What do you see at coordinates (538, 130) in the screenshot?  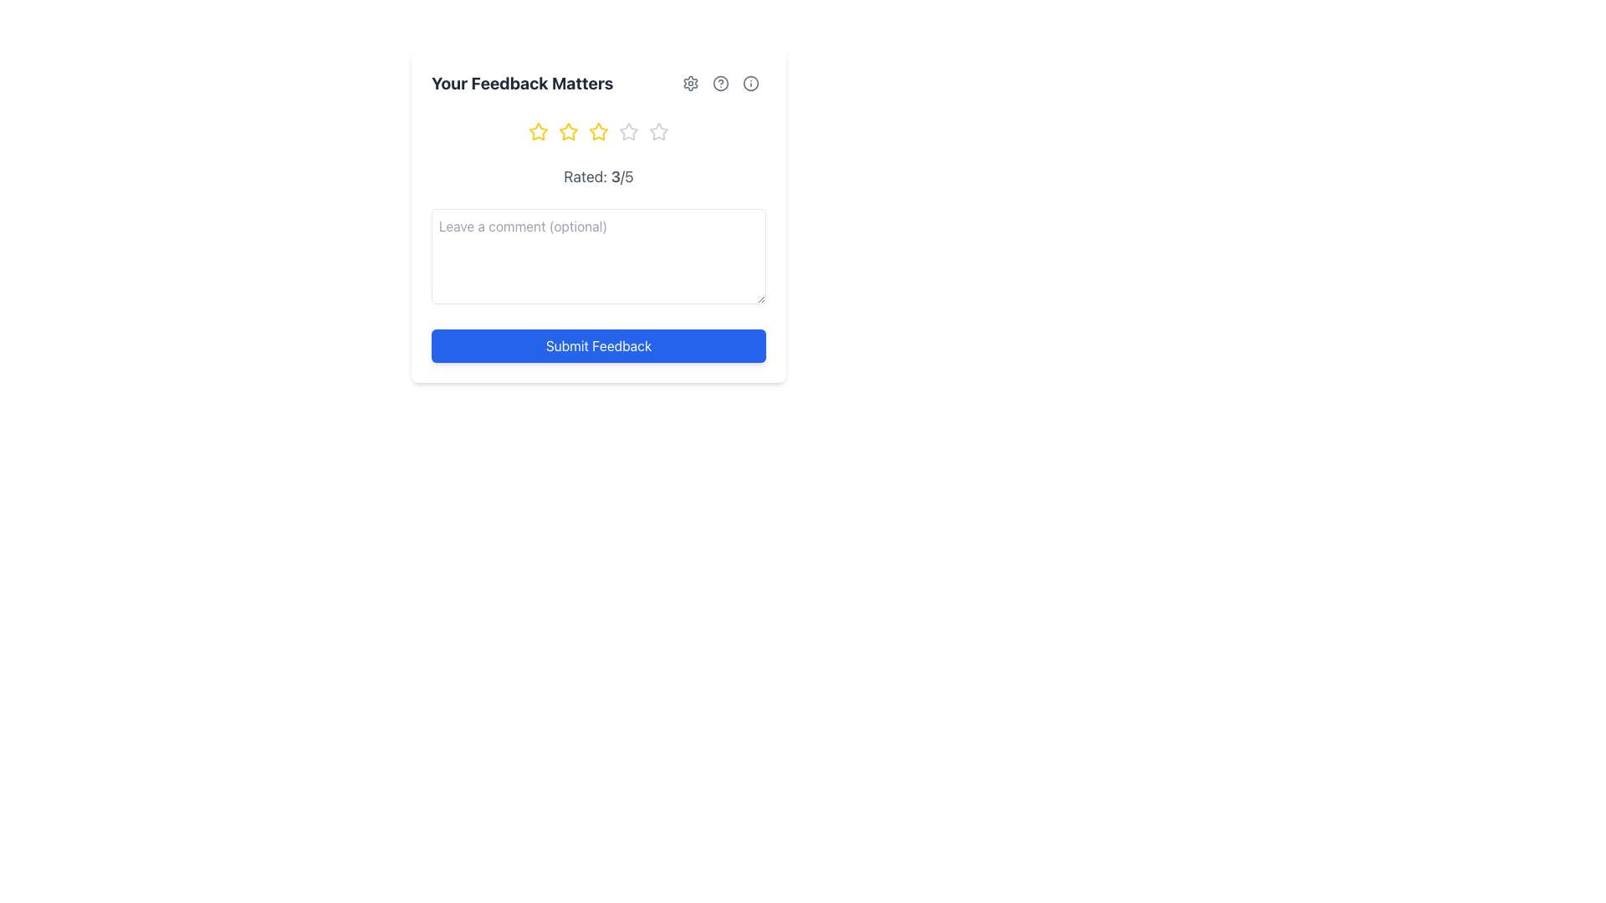 I see `the first rating star in the horizontal row of five stars` at bounding box center [538, 130].